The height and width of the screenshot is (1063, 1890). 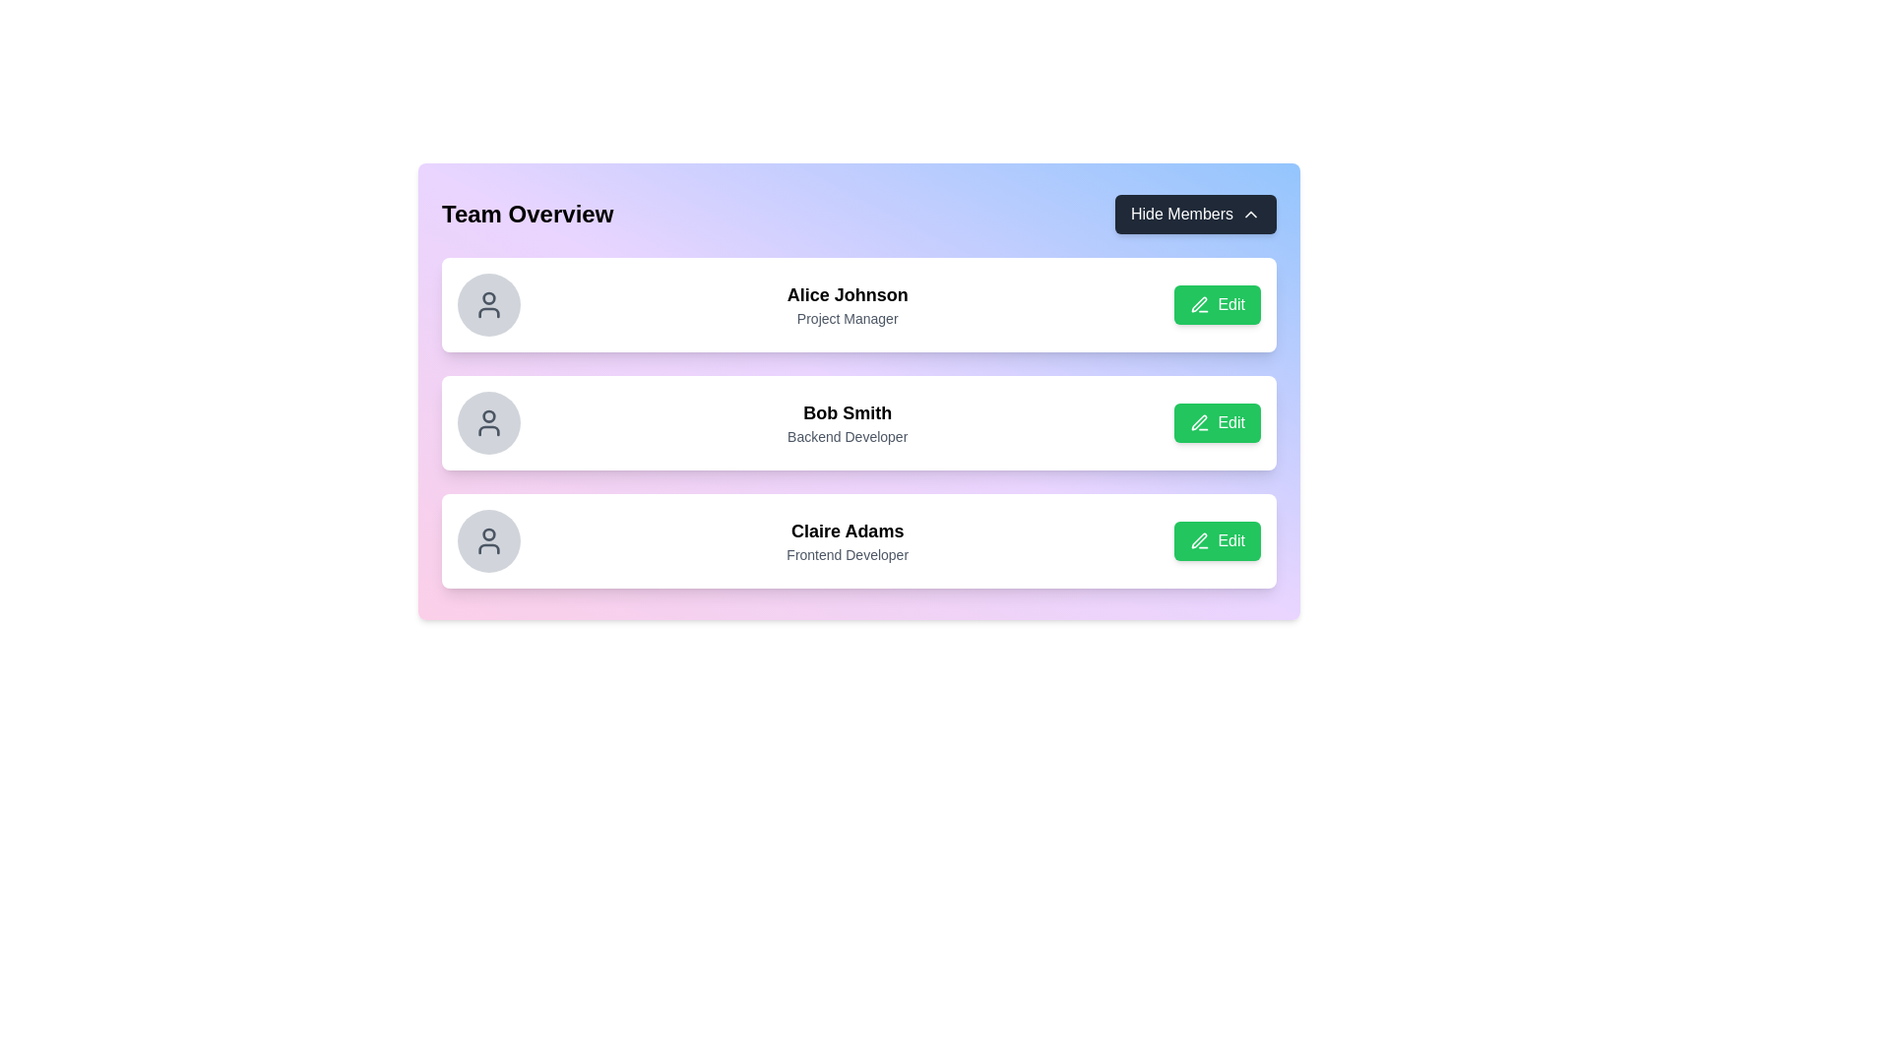 What do you see at coordinates (1230, 421) in the screenshot?
I see `the 'Edit' text label styled in white on a green background, which is part of a button next to 'Bob Smith', the 'Backend Developer'` at bounding box center [1230, 421].